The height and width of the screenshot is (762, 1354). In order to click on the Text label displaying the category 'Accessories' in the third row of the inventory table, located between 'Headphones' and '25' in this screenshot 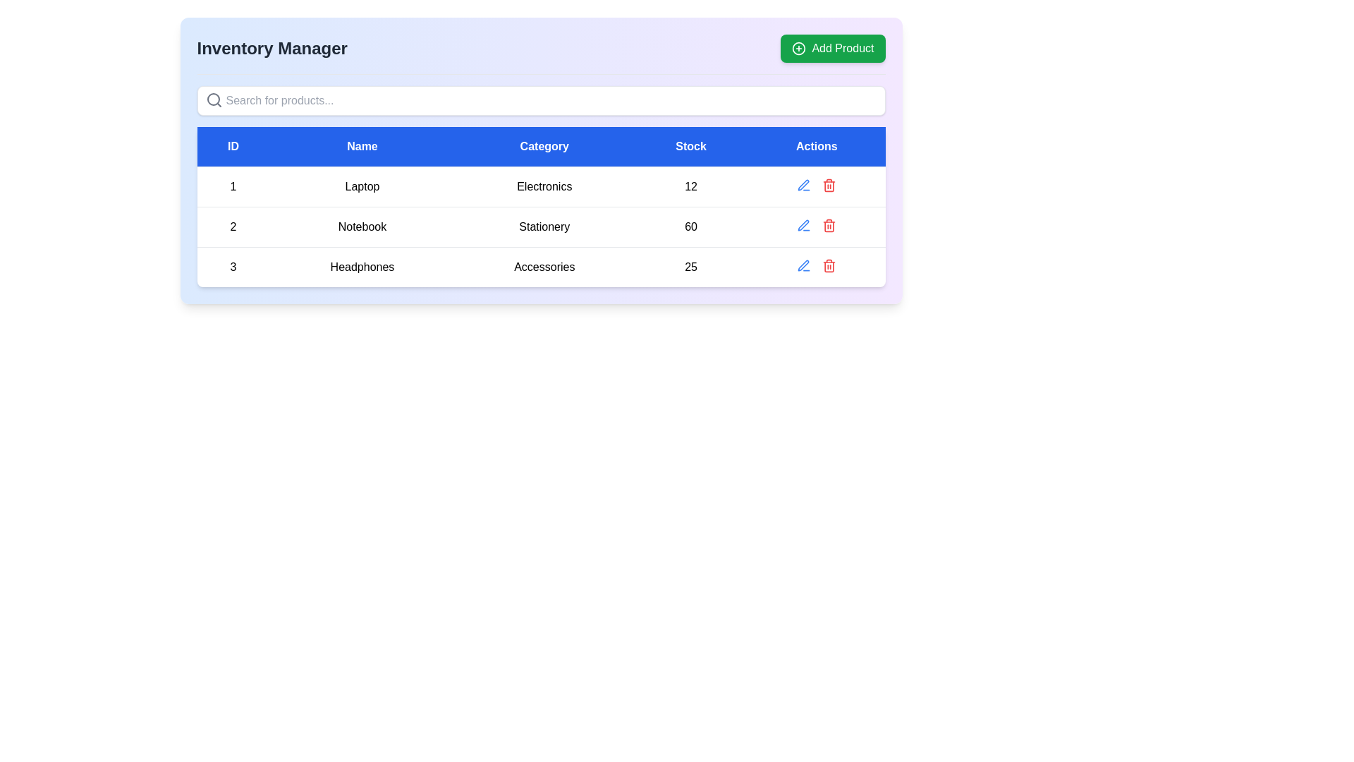, I will do `click(540, 267)`.